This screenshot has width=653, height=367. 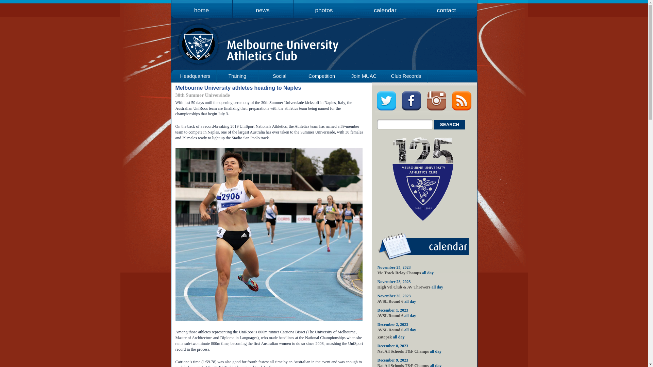 What do you see at coordinates (411, 109) in the screenshot?
I see `'visit us on facebook'` at bounding box center [411, 109].